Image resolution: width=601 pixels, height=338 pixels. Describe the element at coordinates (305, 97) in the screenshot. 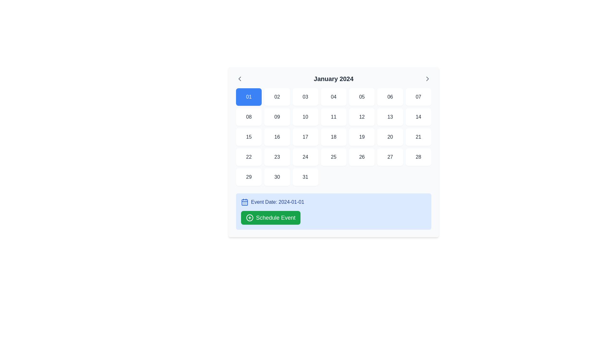

I see `the button displaying '03'` at that location.